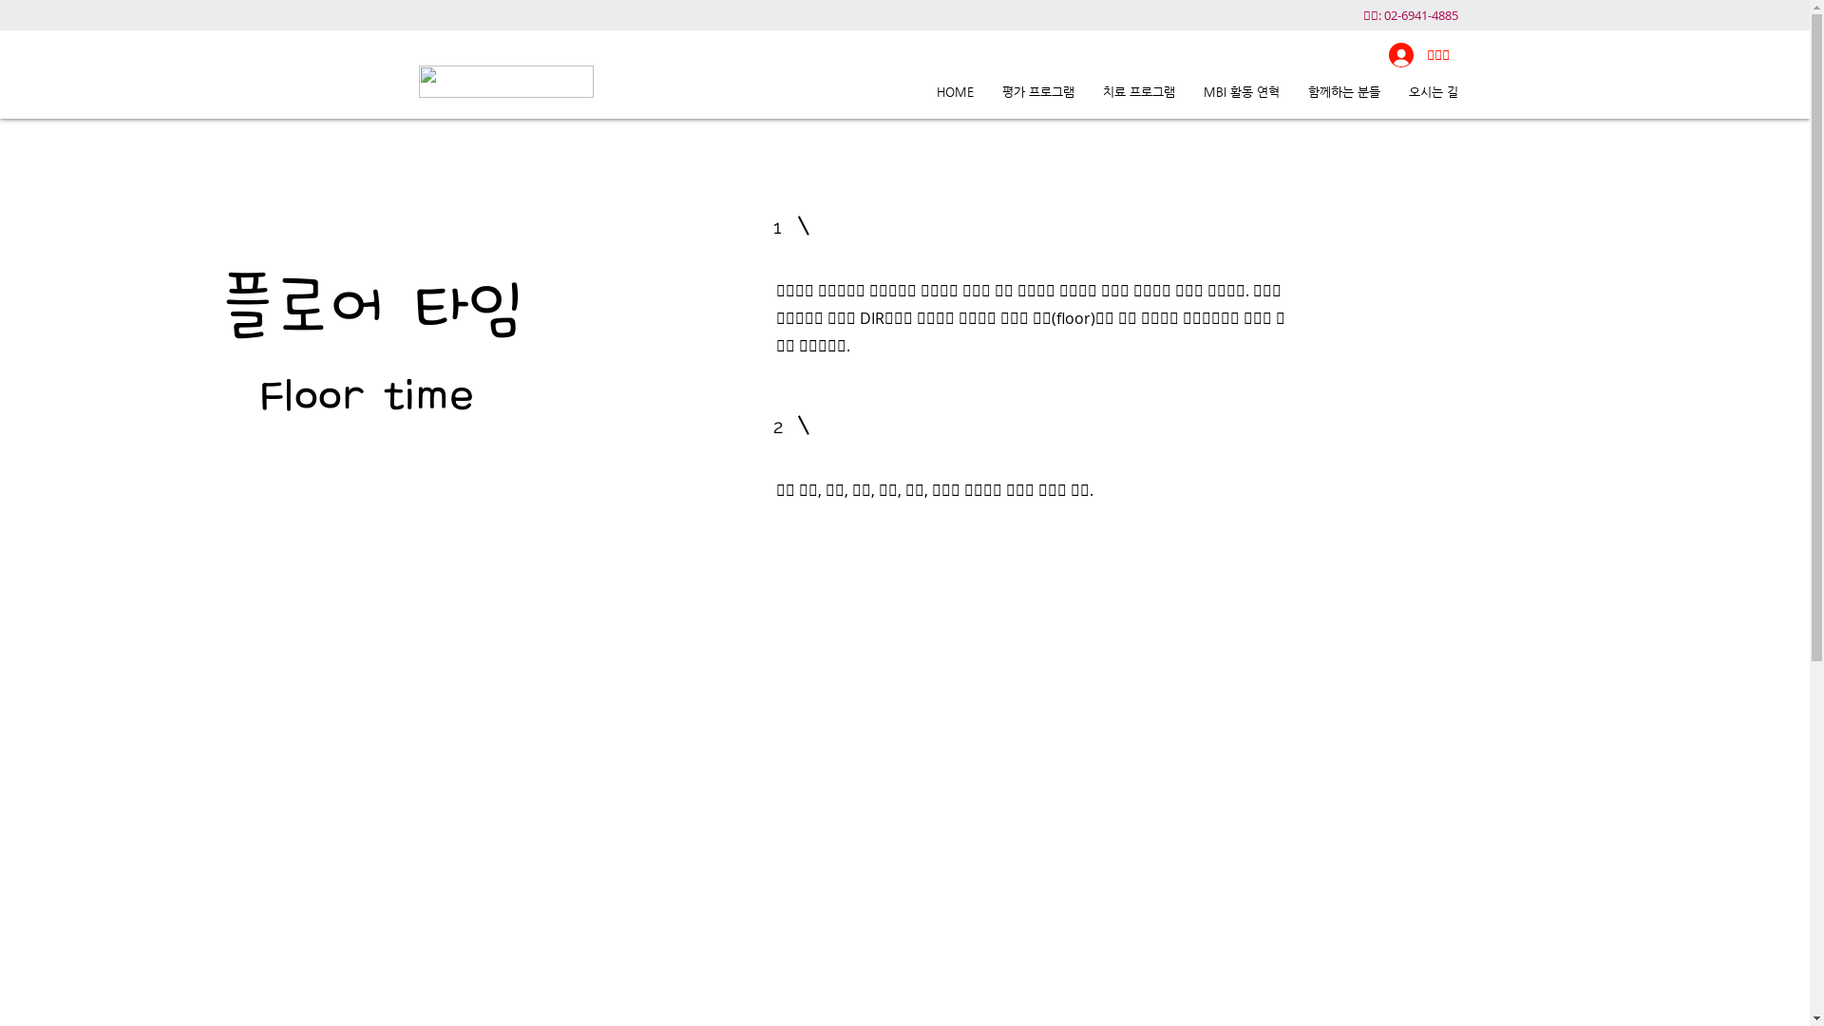 The height and width of the screenshot is (1026, 1824). What do you see at coordinates (954, 91) in the screenshot?
I see `'HOME'` at bounding box center [954, 91].